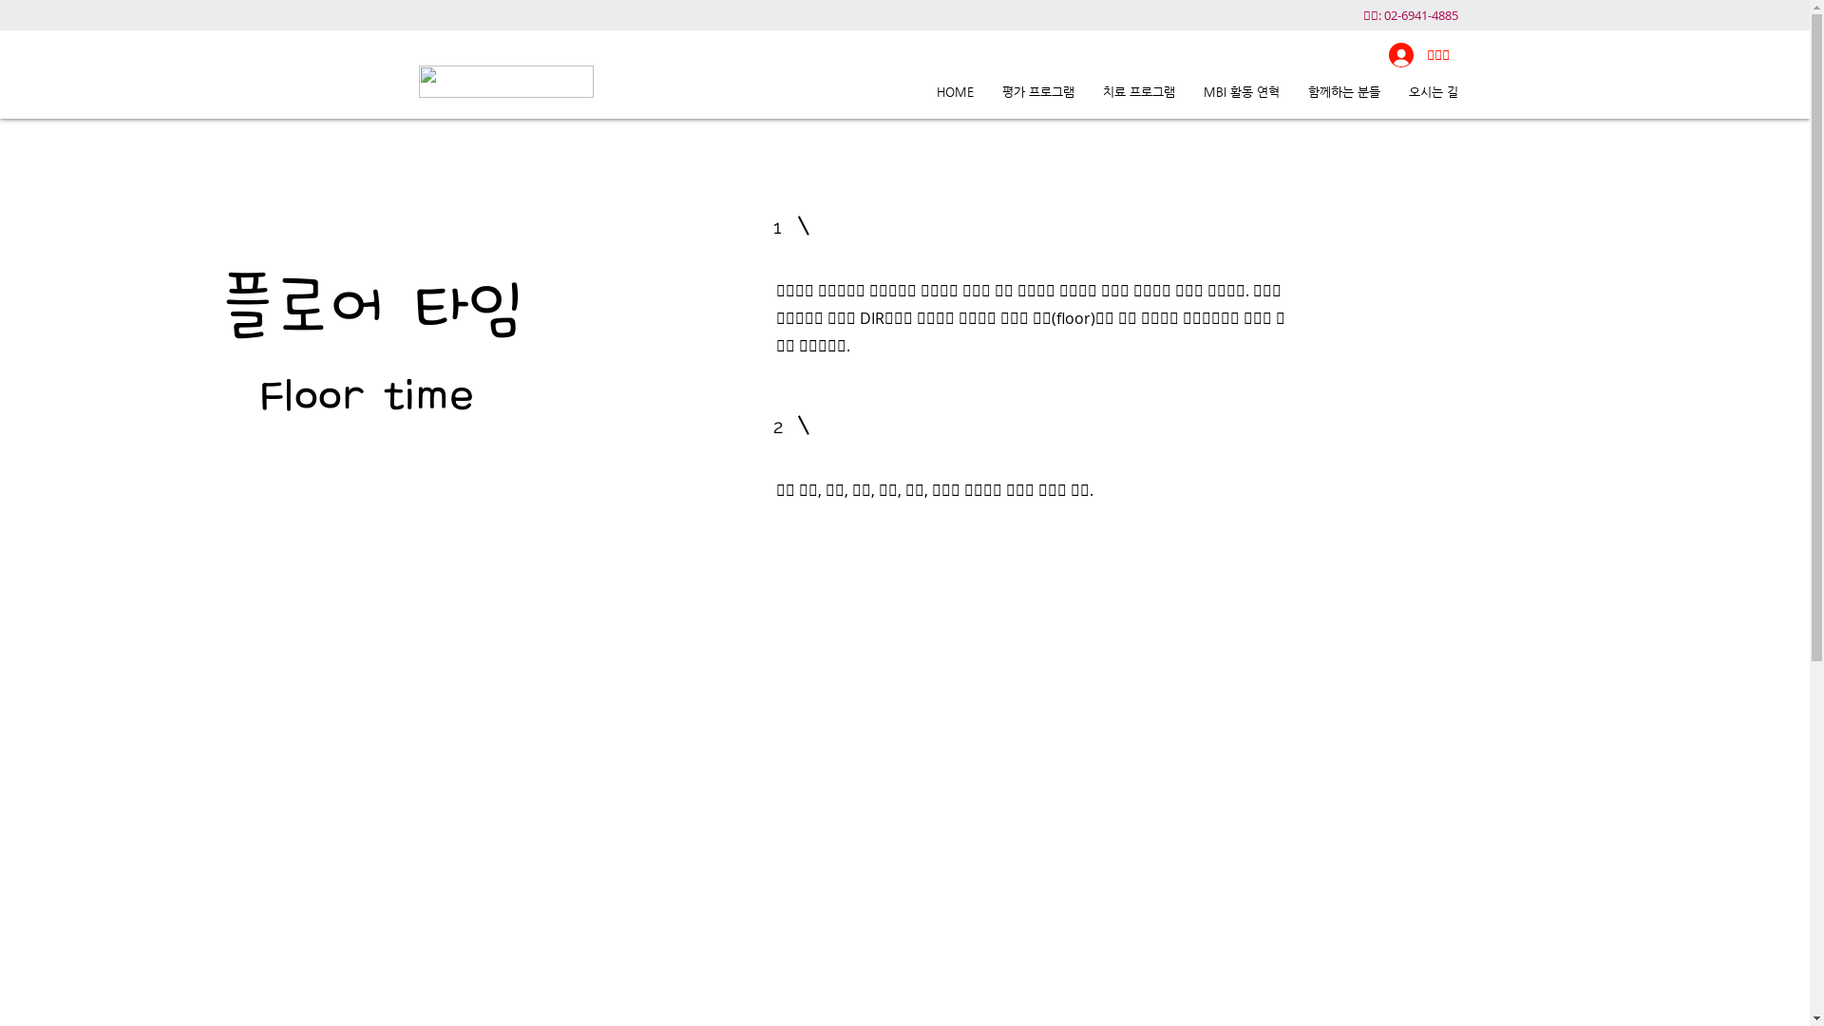 The height and width of the screenshot is (1026, 1824). What do you see at coordinates (954, 91) in the screenshot?
I see `'HOME'` at bounding box center [954, 91].